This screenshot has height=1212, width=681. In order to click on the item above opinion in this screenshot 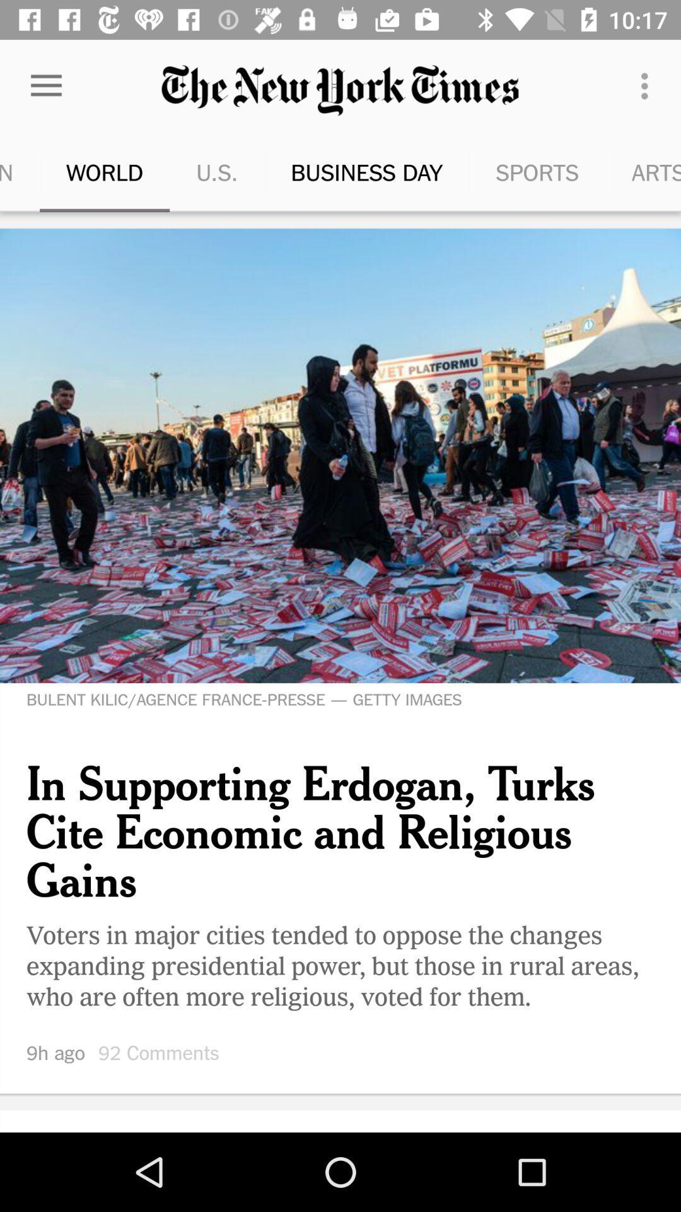, I will do `click(45, 85)`.